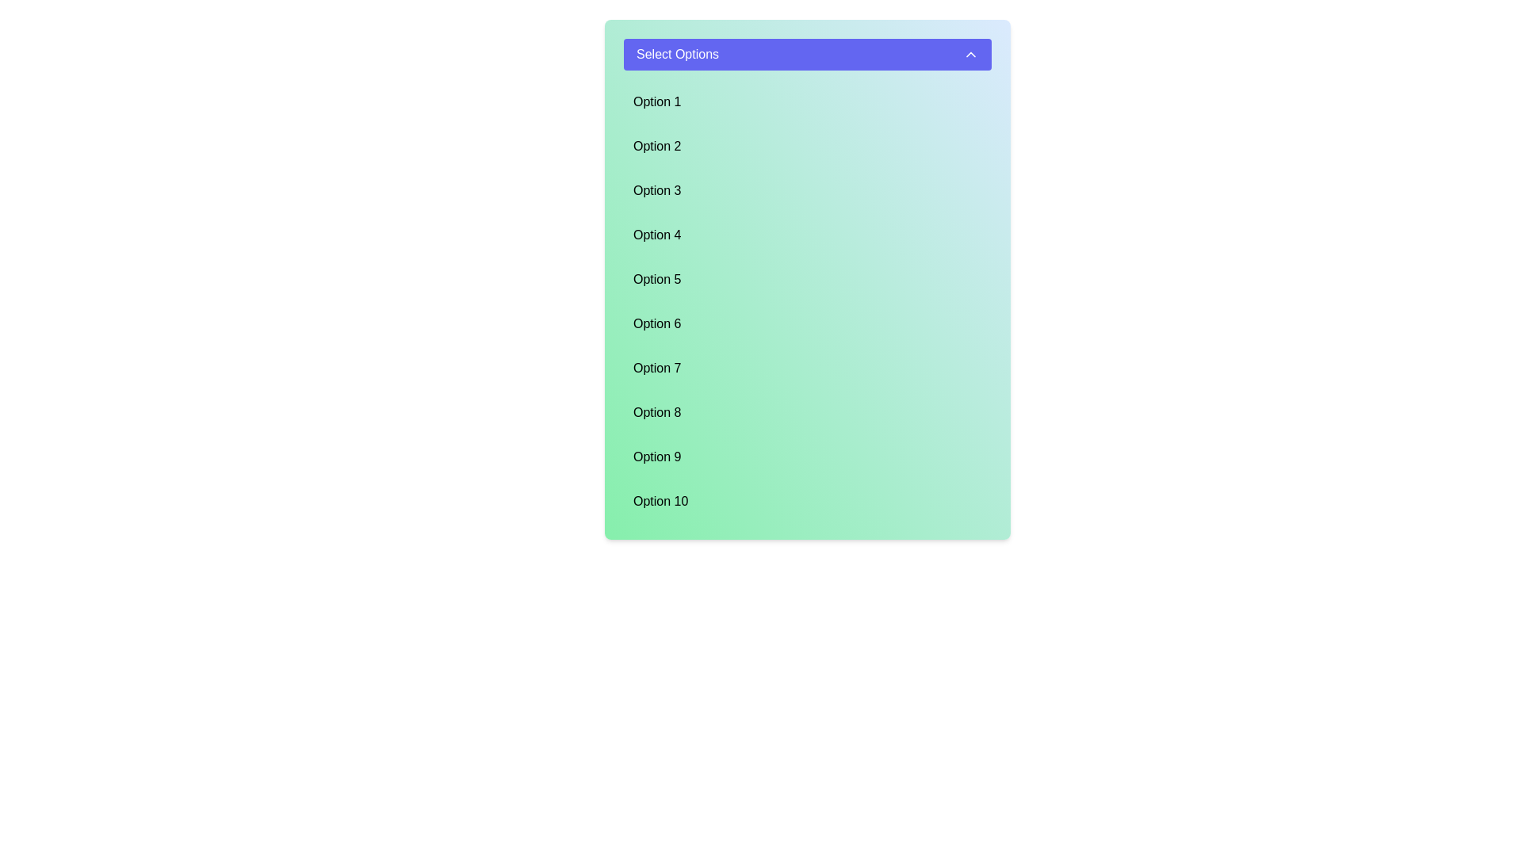 The width and height of the screenshot is (1522, 856). Describe the element at coordinates (657, 323) in the screenshot. I see `the 'Option 6' dropdown menu item located in the sixth position of the dropdown list` at that location.